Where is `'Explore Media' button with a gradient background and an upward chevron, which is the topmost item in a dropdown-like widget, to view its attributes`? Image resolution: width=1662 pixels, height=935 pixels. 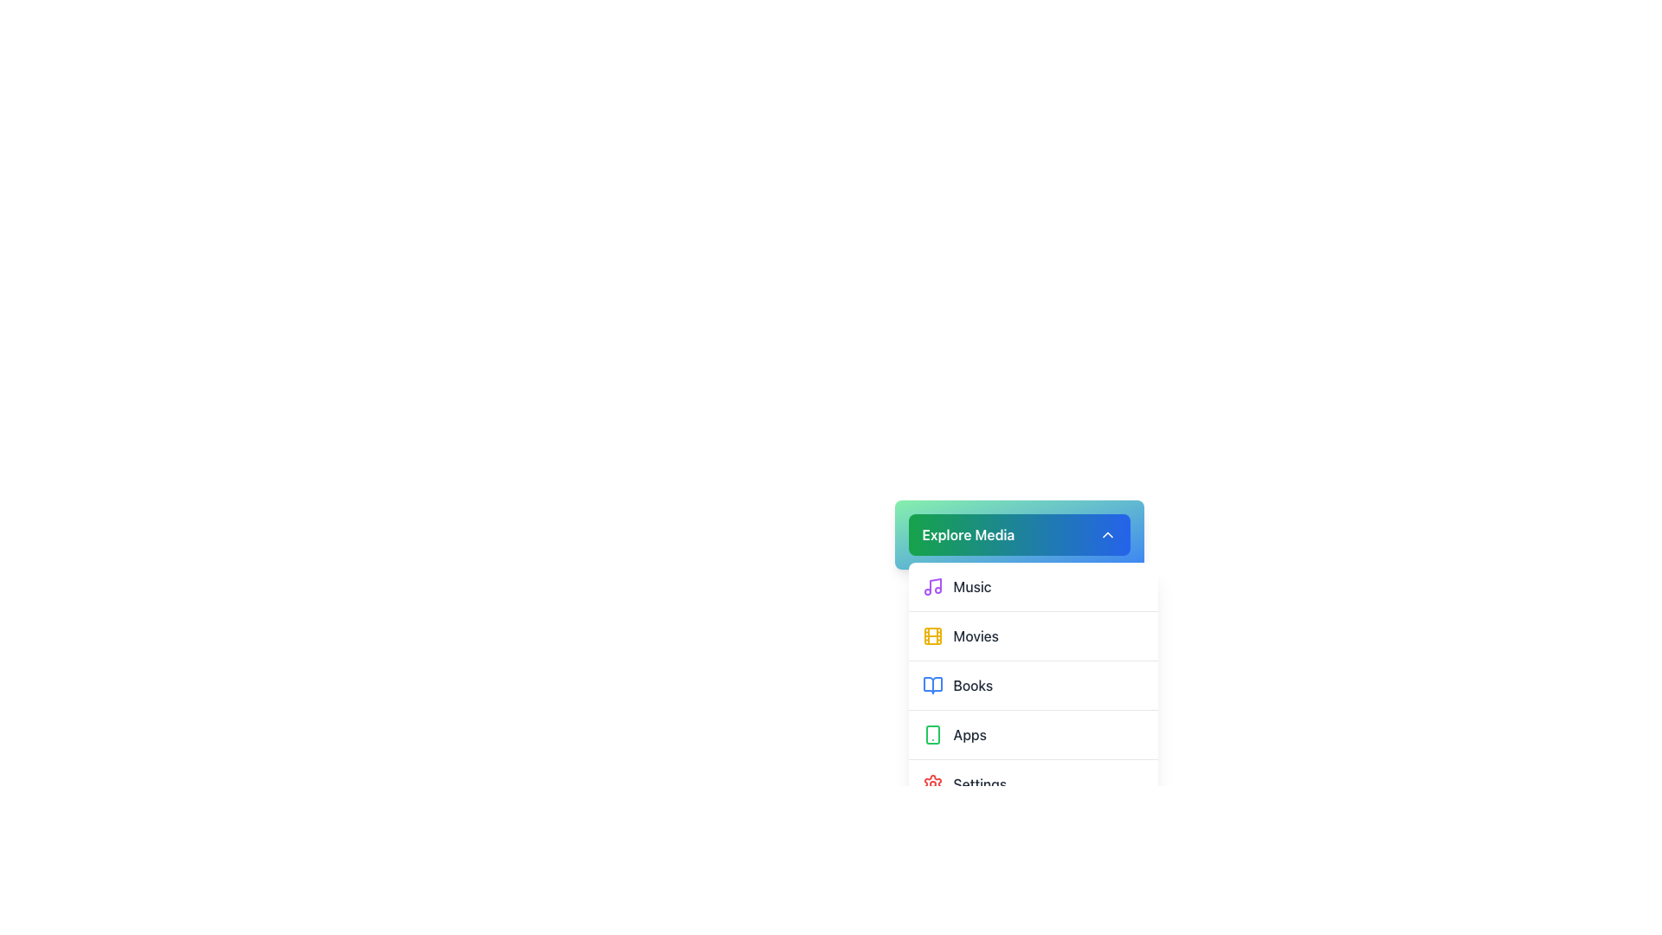
'Explore Media' button with a gradient background and an upward chevron, which is the topmost item in a dropdown-like widget, to view its attributes is located at coordinates (1019, 533).